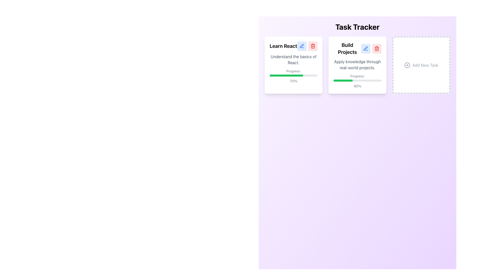  I want to click on around the progress bar located in the middle card under the 'Build Projects' heading to interact with it or view its description, so click(357, 81).